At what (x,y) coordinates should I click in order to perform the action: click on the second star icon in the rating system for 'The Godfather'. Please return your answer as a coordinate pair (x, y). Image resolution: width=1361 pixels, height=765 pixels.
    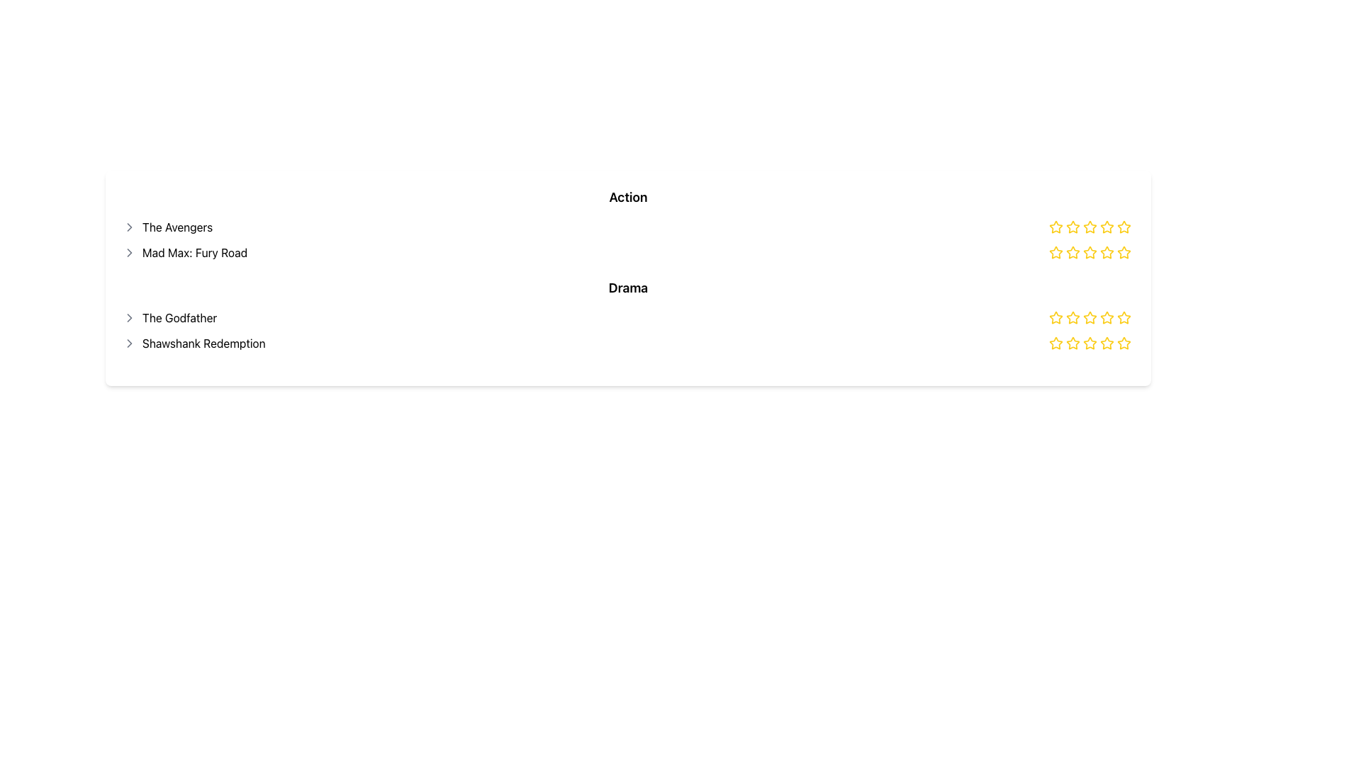
    Looking at the image, I should click on (1072, 317).